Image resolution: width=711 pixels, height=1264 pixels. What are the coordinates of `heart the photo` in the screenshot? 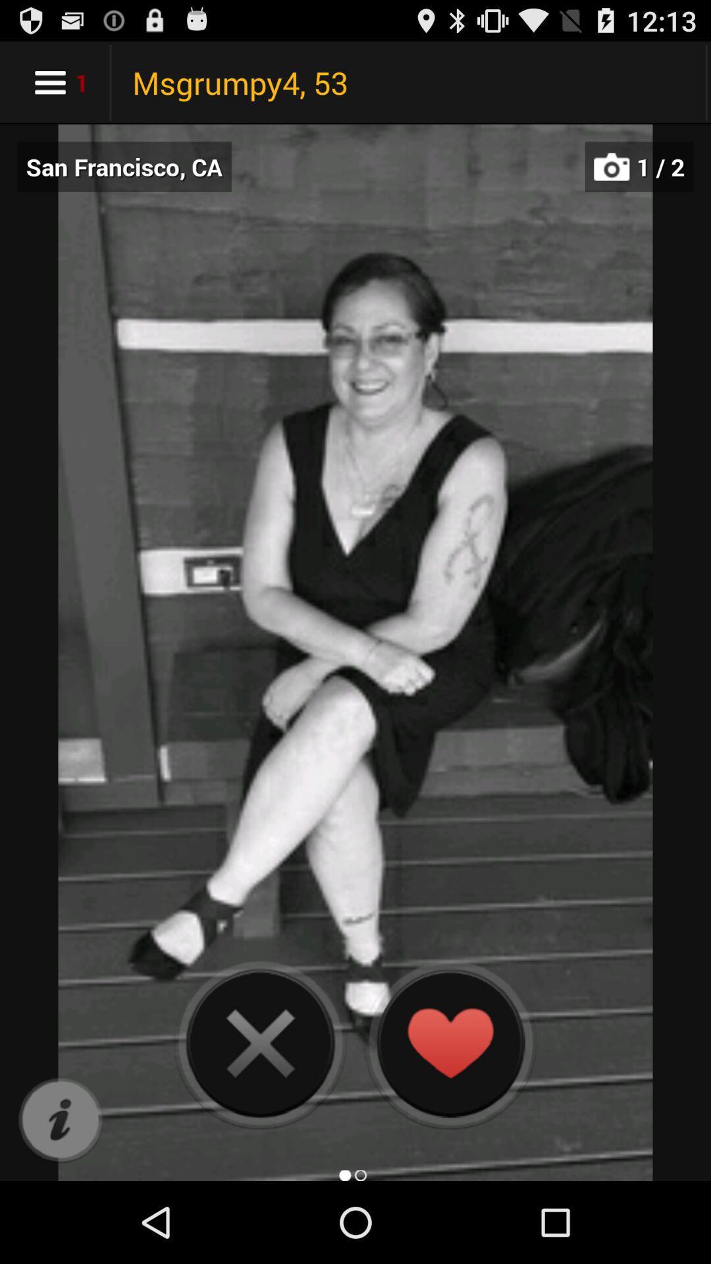 It's located at (449, 1042).